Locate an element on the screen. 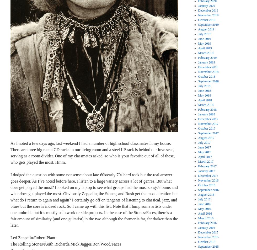  'April 2017' is located at coordinates (205, 157).